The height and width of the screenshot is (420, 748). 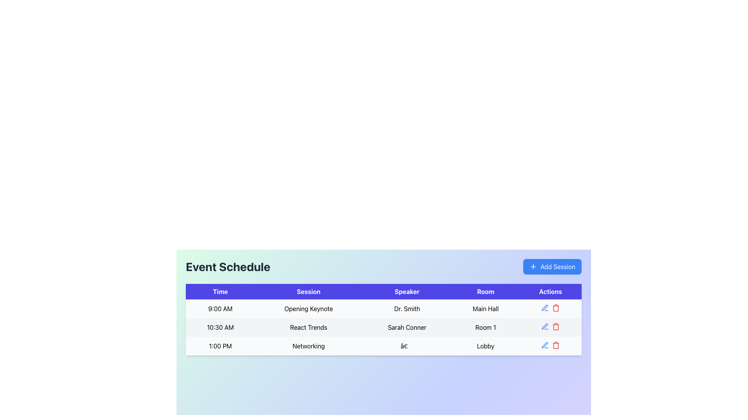 What do you see at coordinates (485, 327) in the screenshot?
I see `the text display element that shows 'Room 1', located in the fourth column of the second data row in the table layout` at bounding box center [485, 327].